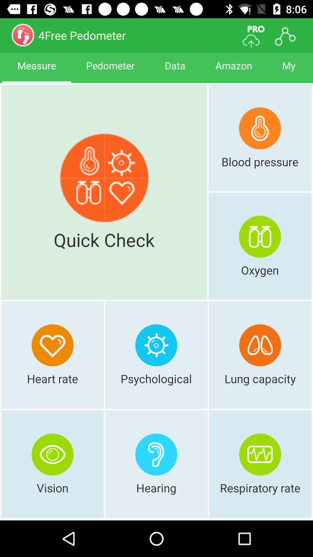 This screenshot has height=557, width=313. What do you see at coordinates (233, 70) in the screenshot?
I see `item to the left of the my` at bounding box center [233, 70].